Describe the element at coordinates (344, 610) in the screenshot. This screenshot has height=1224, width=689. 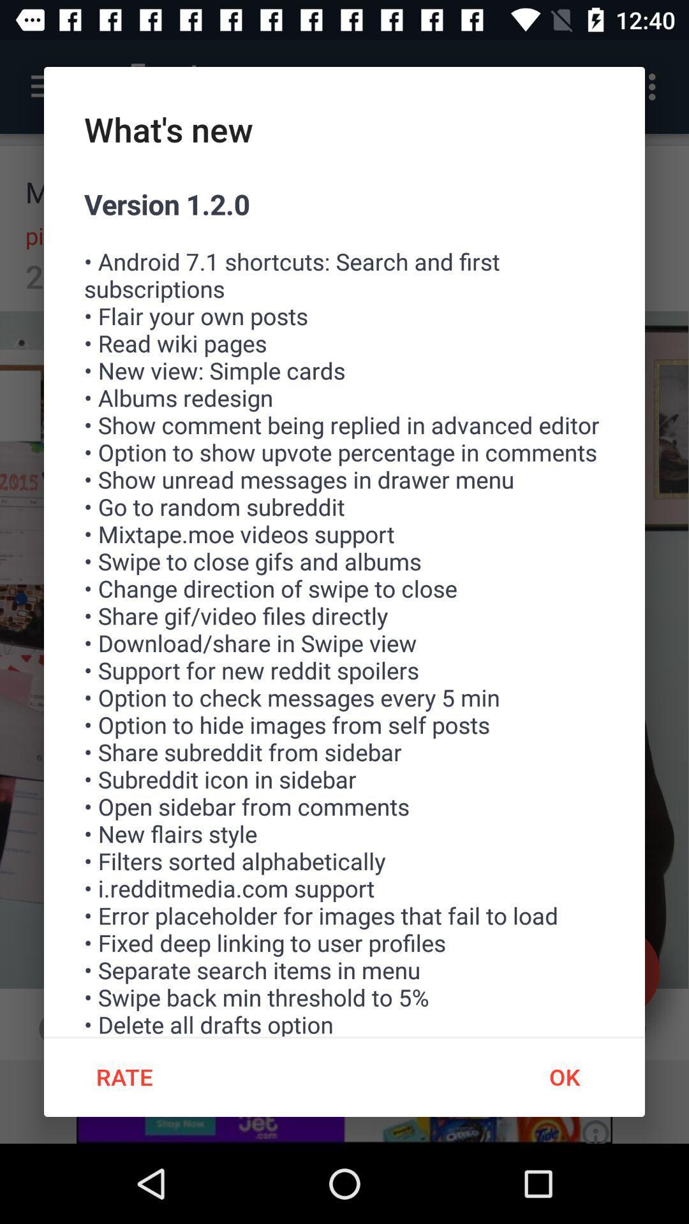
I see `icon at the center` at that location.